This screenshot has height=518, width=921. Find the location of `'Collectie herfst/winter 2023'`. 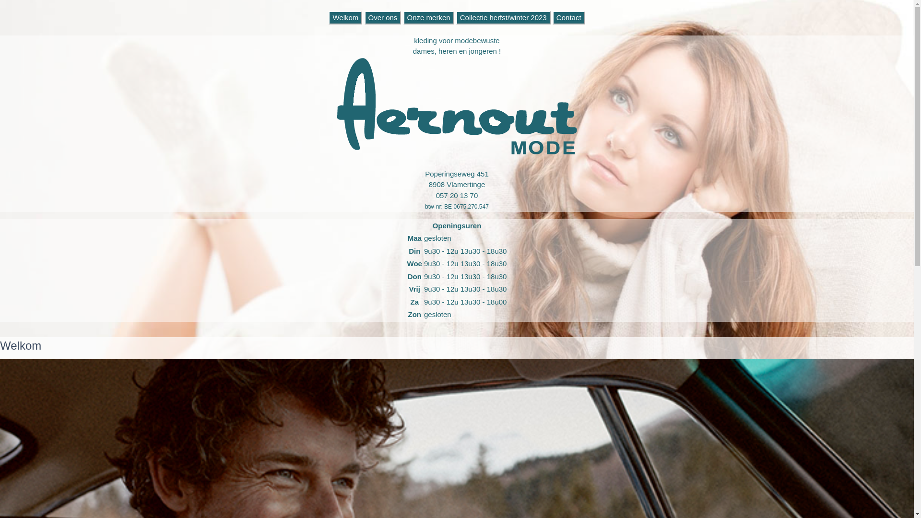

'Collectie herfst/winter 2023' is located at coordinates (503, 17).